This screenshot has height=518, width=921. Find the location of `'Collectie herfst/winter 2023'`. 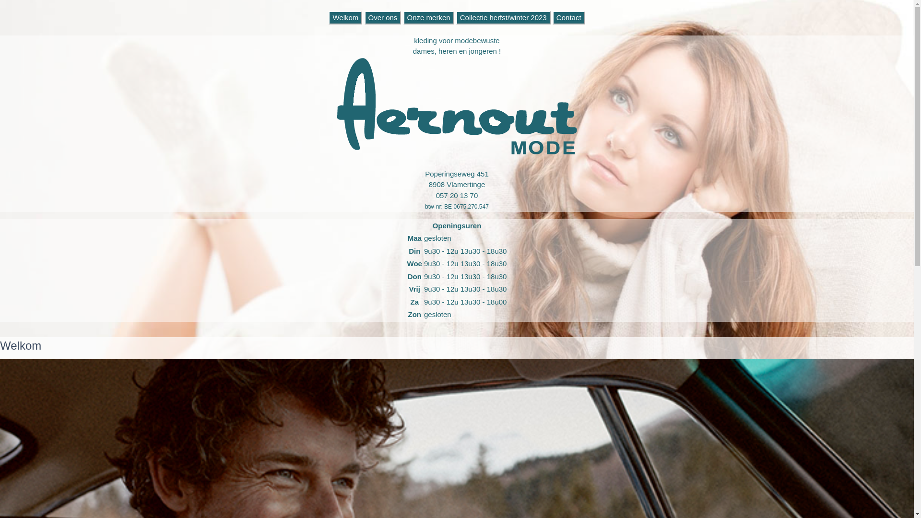

'Collectie herfst/winter 2023' is located at coordinates (503, 17).